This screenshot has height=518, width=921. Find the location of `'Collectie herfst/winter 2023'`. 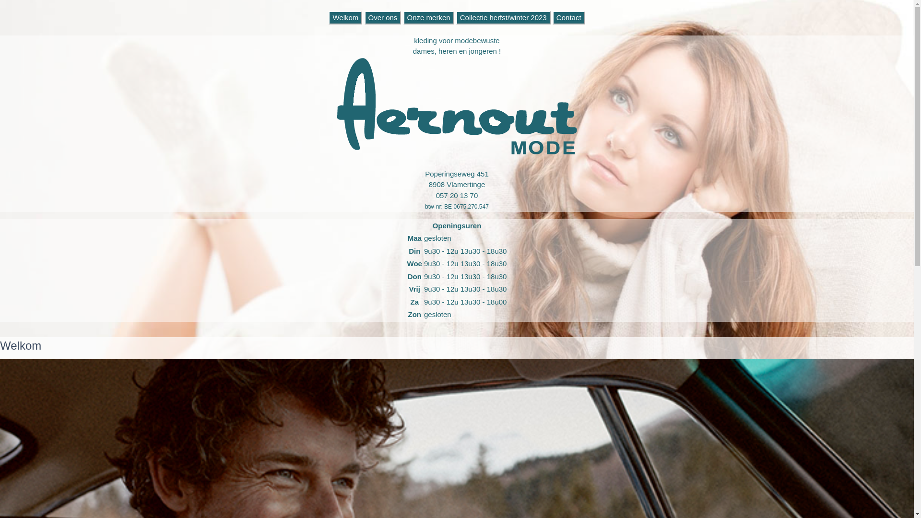

'Collectie herfst/winter 2023' is located at coordinates (503, 17).